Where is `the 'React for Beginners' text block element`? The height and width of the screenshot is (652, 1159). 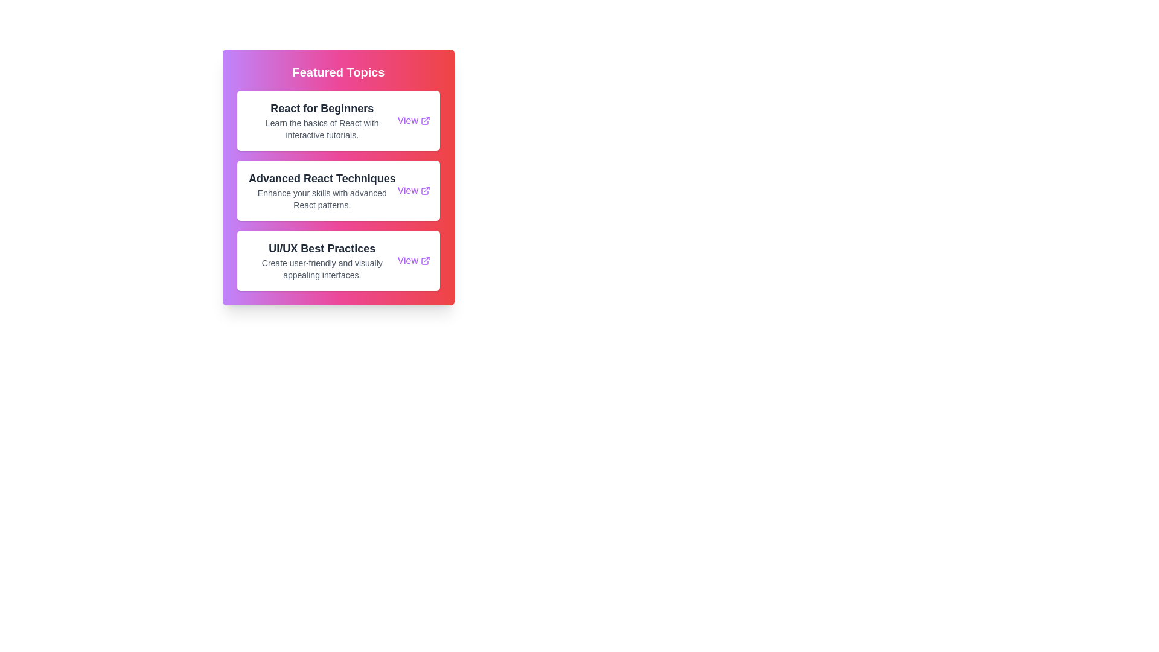 the 'React for Beginners' text block element is located at coordinates (322, 121).